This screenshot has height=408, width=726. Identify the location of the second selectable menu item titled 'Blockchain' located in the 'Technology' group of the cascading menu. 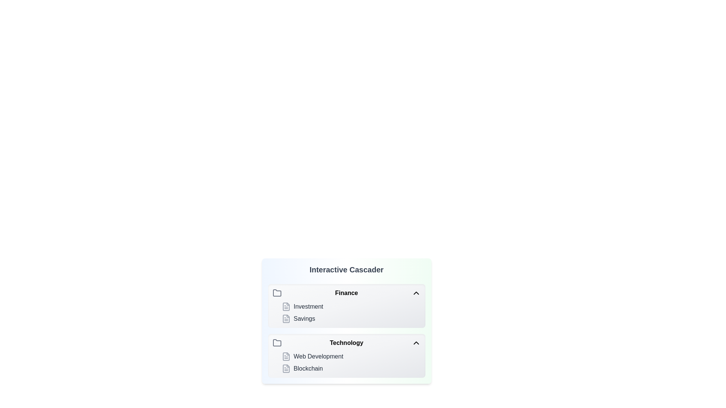
(351, 368).